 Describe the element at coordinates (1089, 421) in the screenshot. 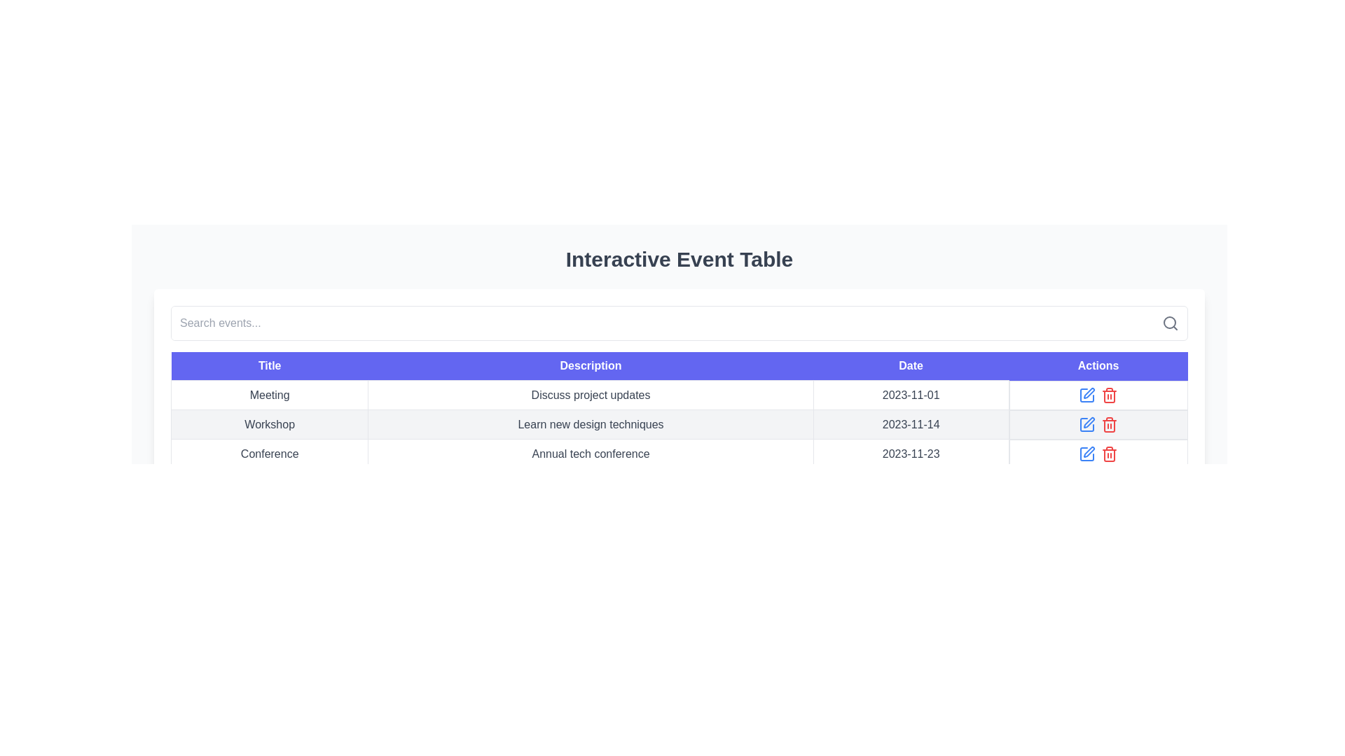

I see `the navigation keys` at that location.